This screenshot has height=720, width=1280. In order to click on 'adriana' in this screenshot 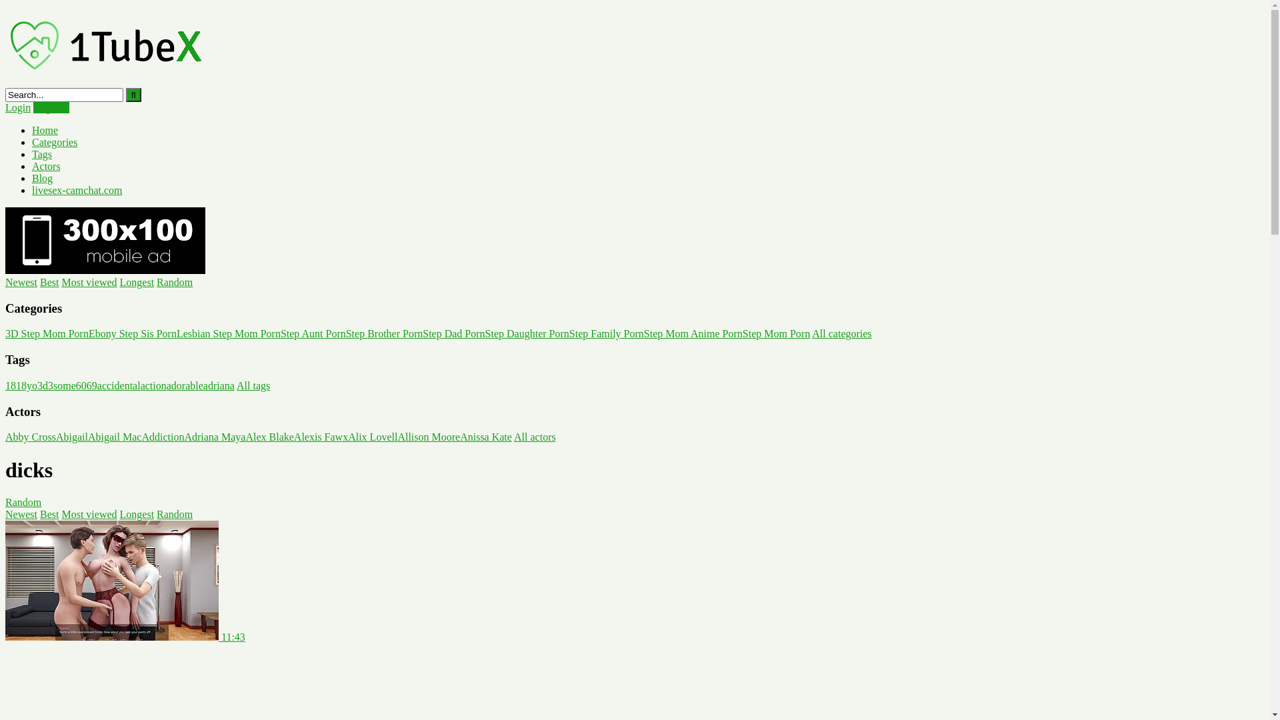, I will do `click(219, 385)`.